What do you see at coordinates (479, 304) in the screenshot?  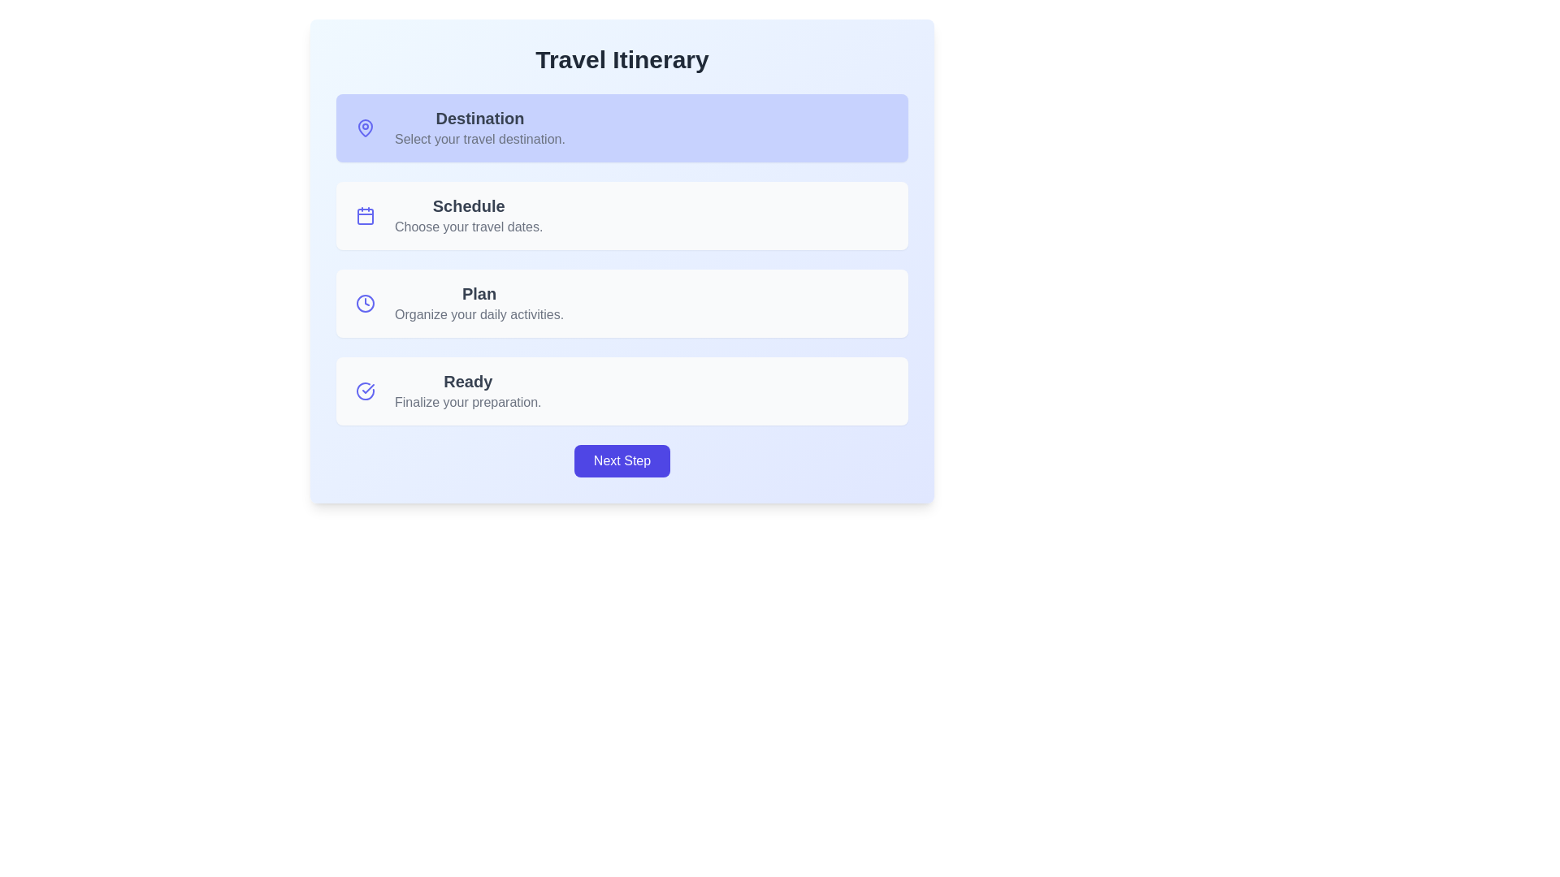 I see `the informational Text block indicating the step 'Plan', which is the third element in a vertical list, located below 'Schedule' and above 'Ready'` at bounding box center [479, 304].